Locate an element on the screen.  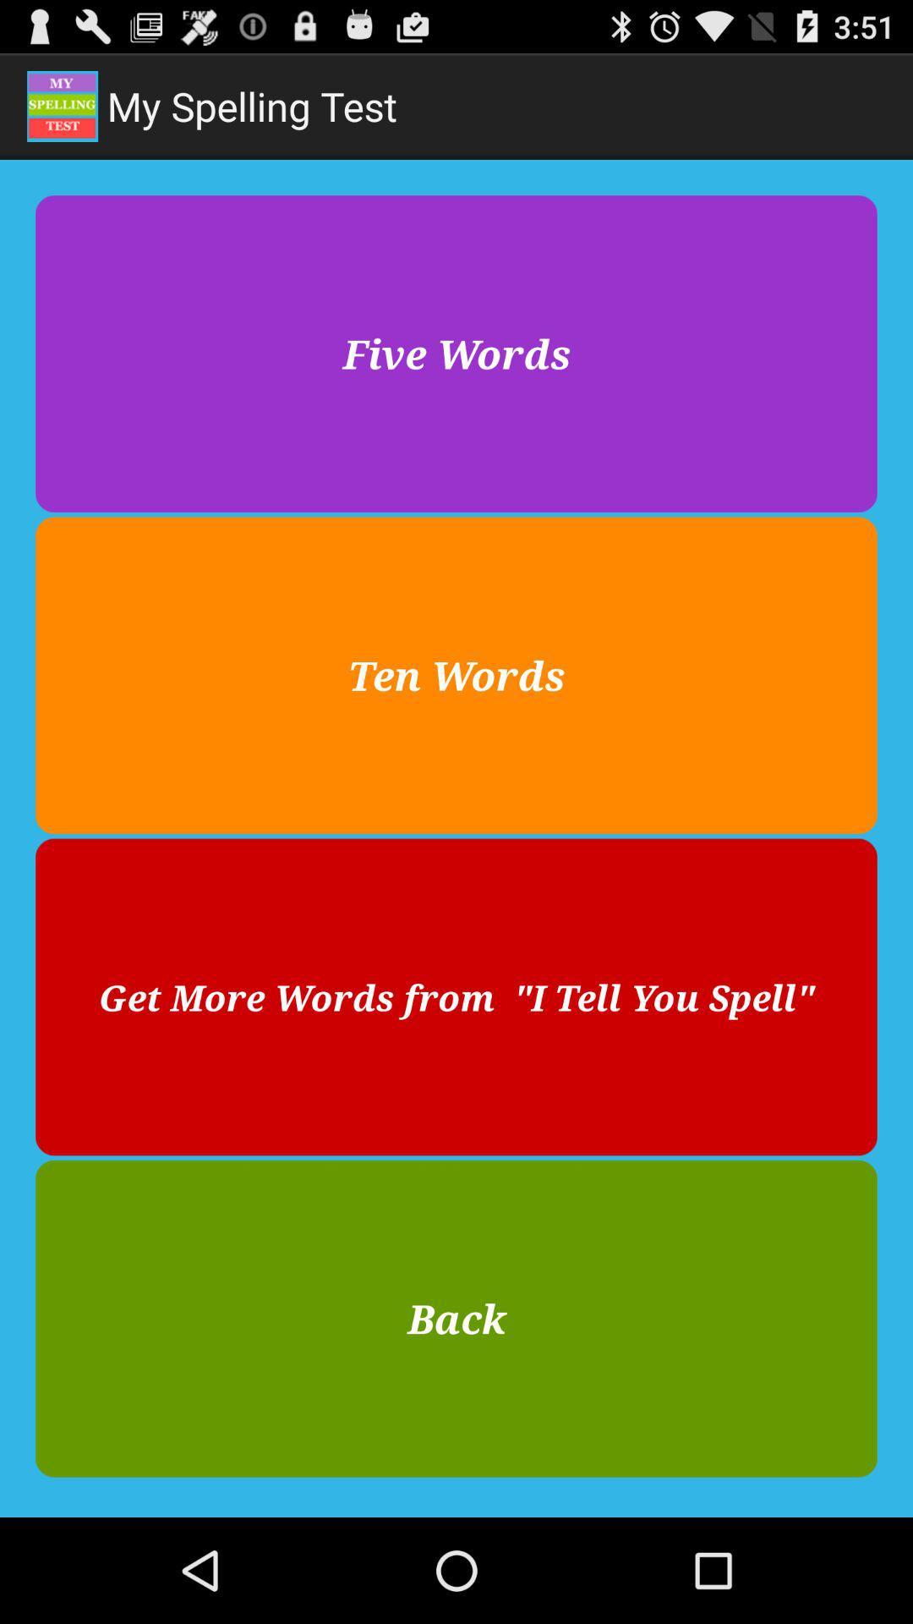
the icon below the five words button is located at coordinates (456, 674).